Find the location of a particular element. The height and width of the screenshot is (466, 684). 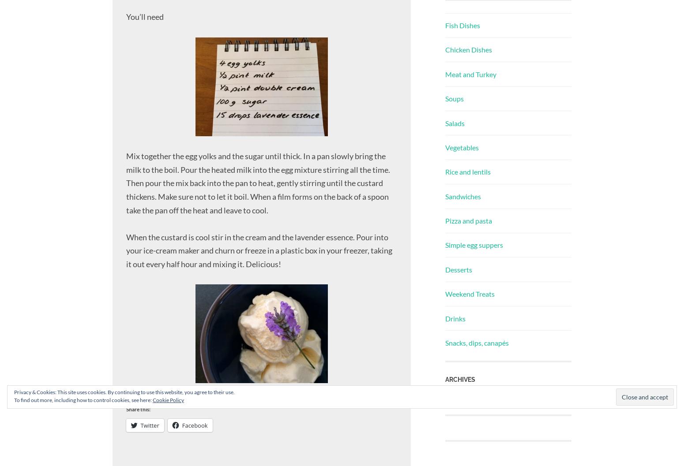

'You’ll need' is located at coordinates (144, 17).